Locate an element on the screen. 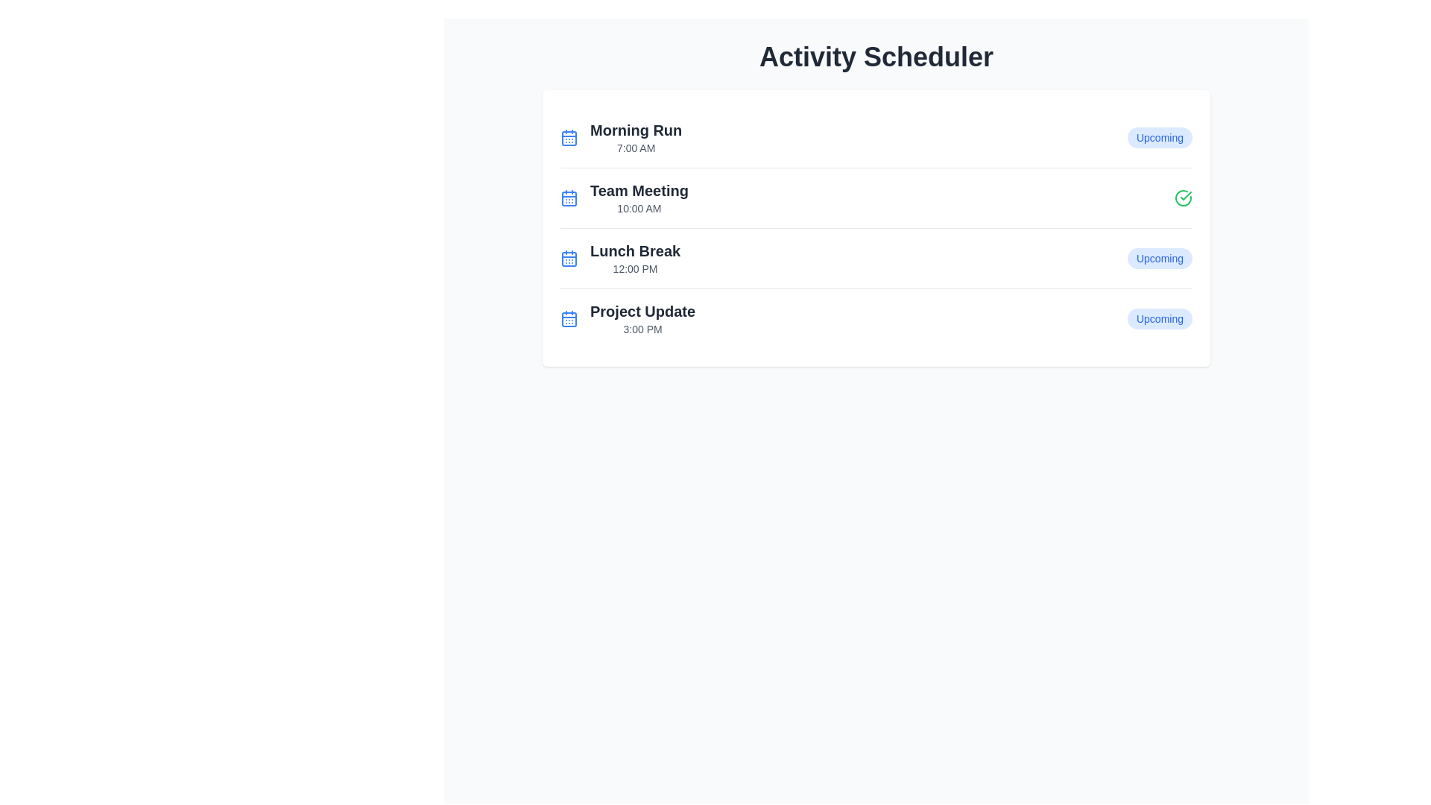 Image resolution: width=1431 pixels, height=805 pixels. the text label displaying '3:00 PM', which is positioned directly below the 'Project Update' title, indicating a time for a scheduled event is located at coordinates (642, 329).